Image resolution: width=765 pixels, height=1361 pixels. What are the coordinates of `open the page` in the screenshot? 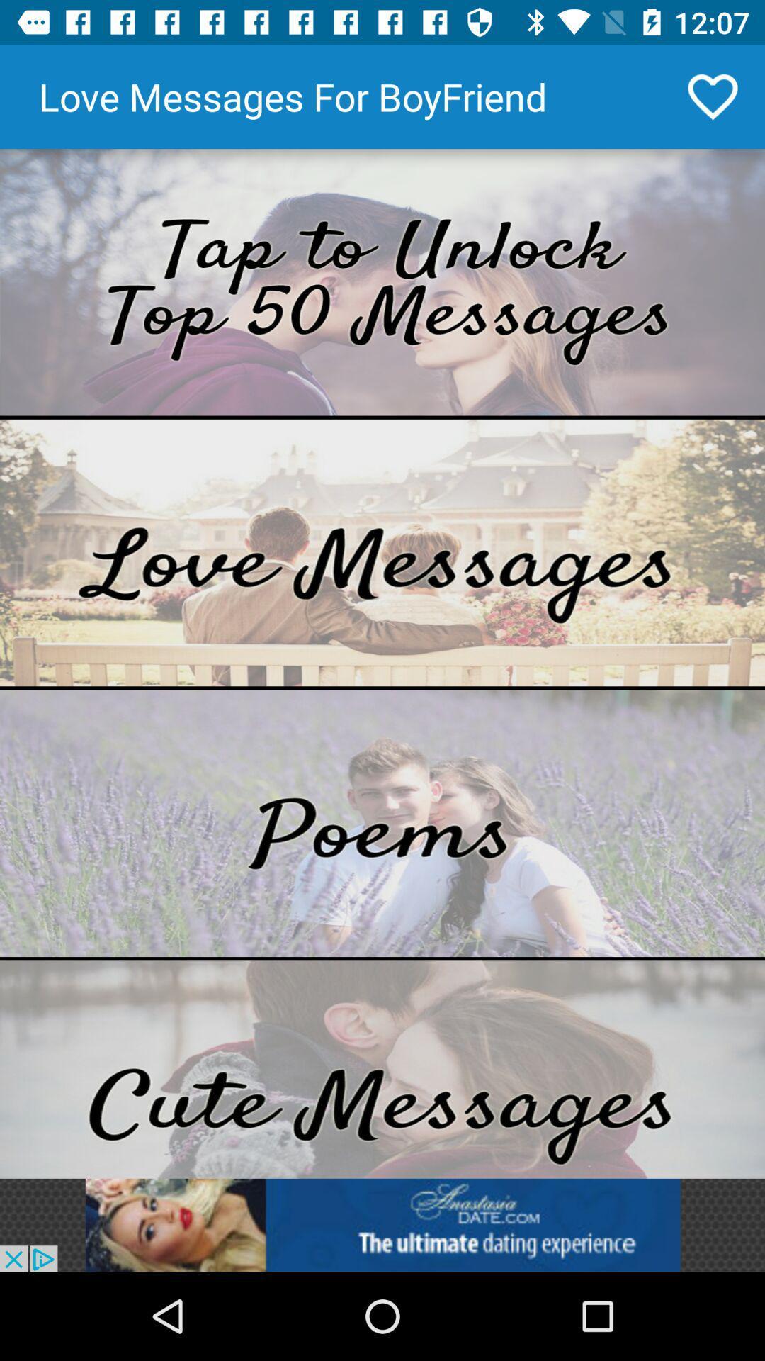 It's located at (382, 1069).